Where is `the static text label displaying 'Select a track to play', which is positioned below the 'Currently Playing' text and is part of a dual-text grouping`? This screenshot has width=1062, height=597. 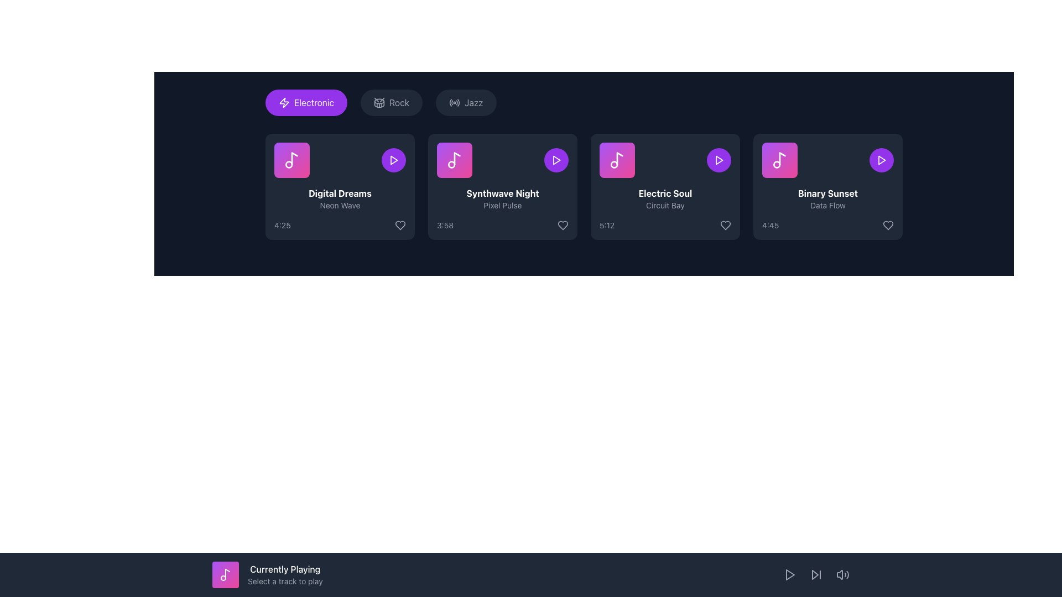 the static text label displaying 'Select a track to play', which is positioned below the 'Currently Playing' text and is part of a dual-text grouping is located at coordinates (285, 581).